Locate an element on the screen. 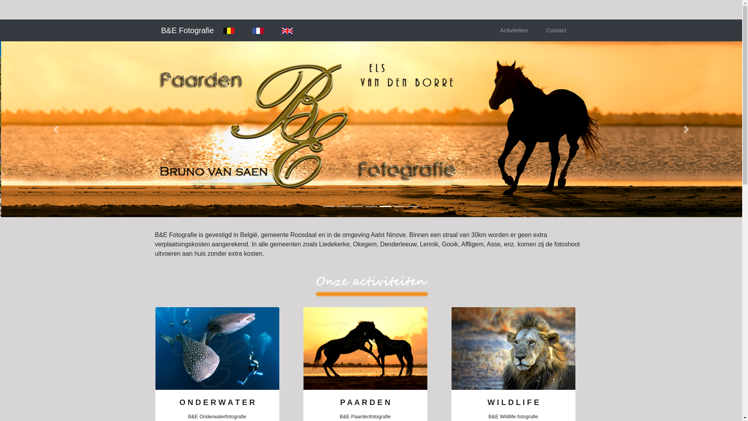 Image resolution: width=748 pixels, height=421 pixels. 'Previous' is located at coordinates (55, 129).